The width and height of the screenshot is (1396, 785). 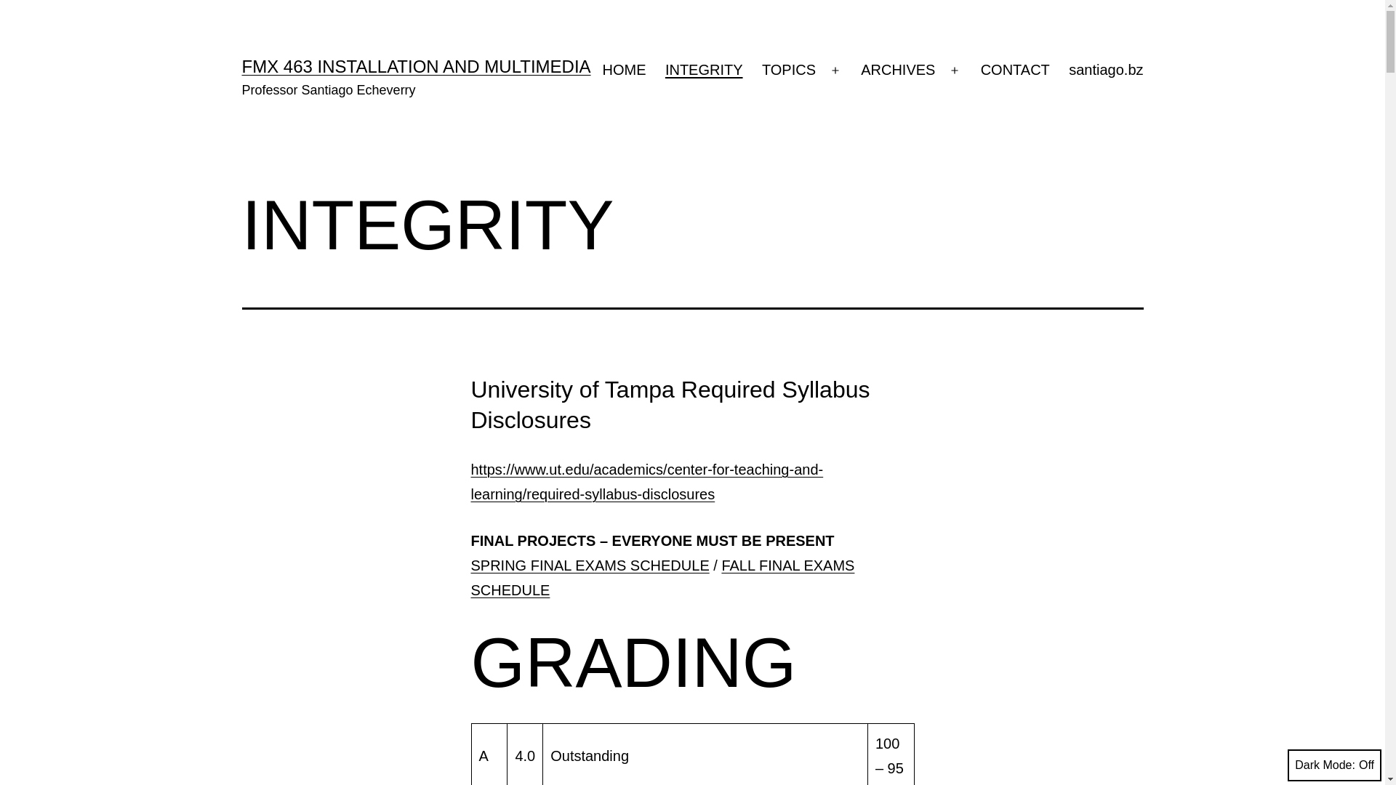 I want to click on 'FALL FINAL EXAMS SCHEDULE', so click(x=662, y=576).